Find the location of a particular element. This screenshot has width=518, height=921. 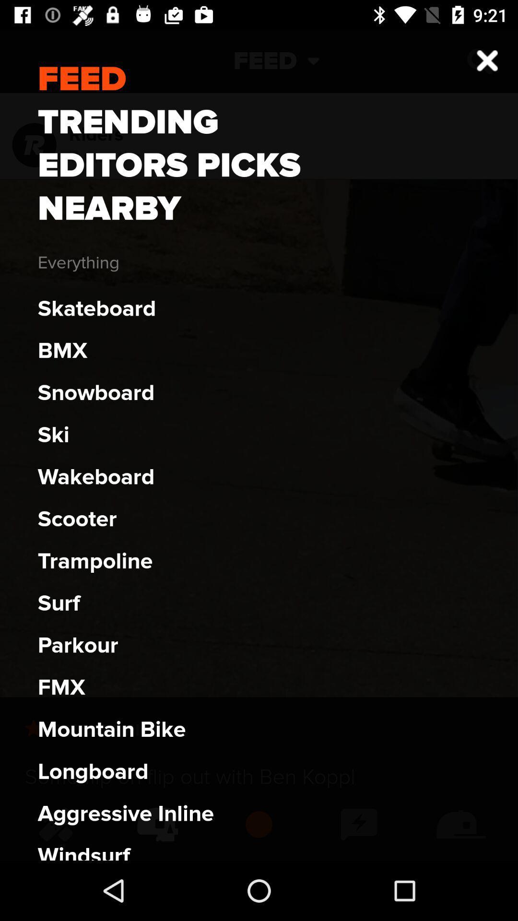

the close icon is located at coordinates (480, 60).